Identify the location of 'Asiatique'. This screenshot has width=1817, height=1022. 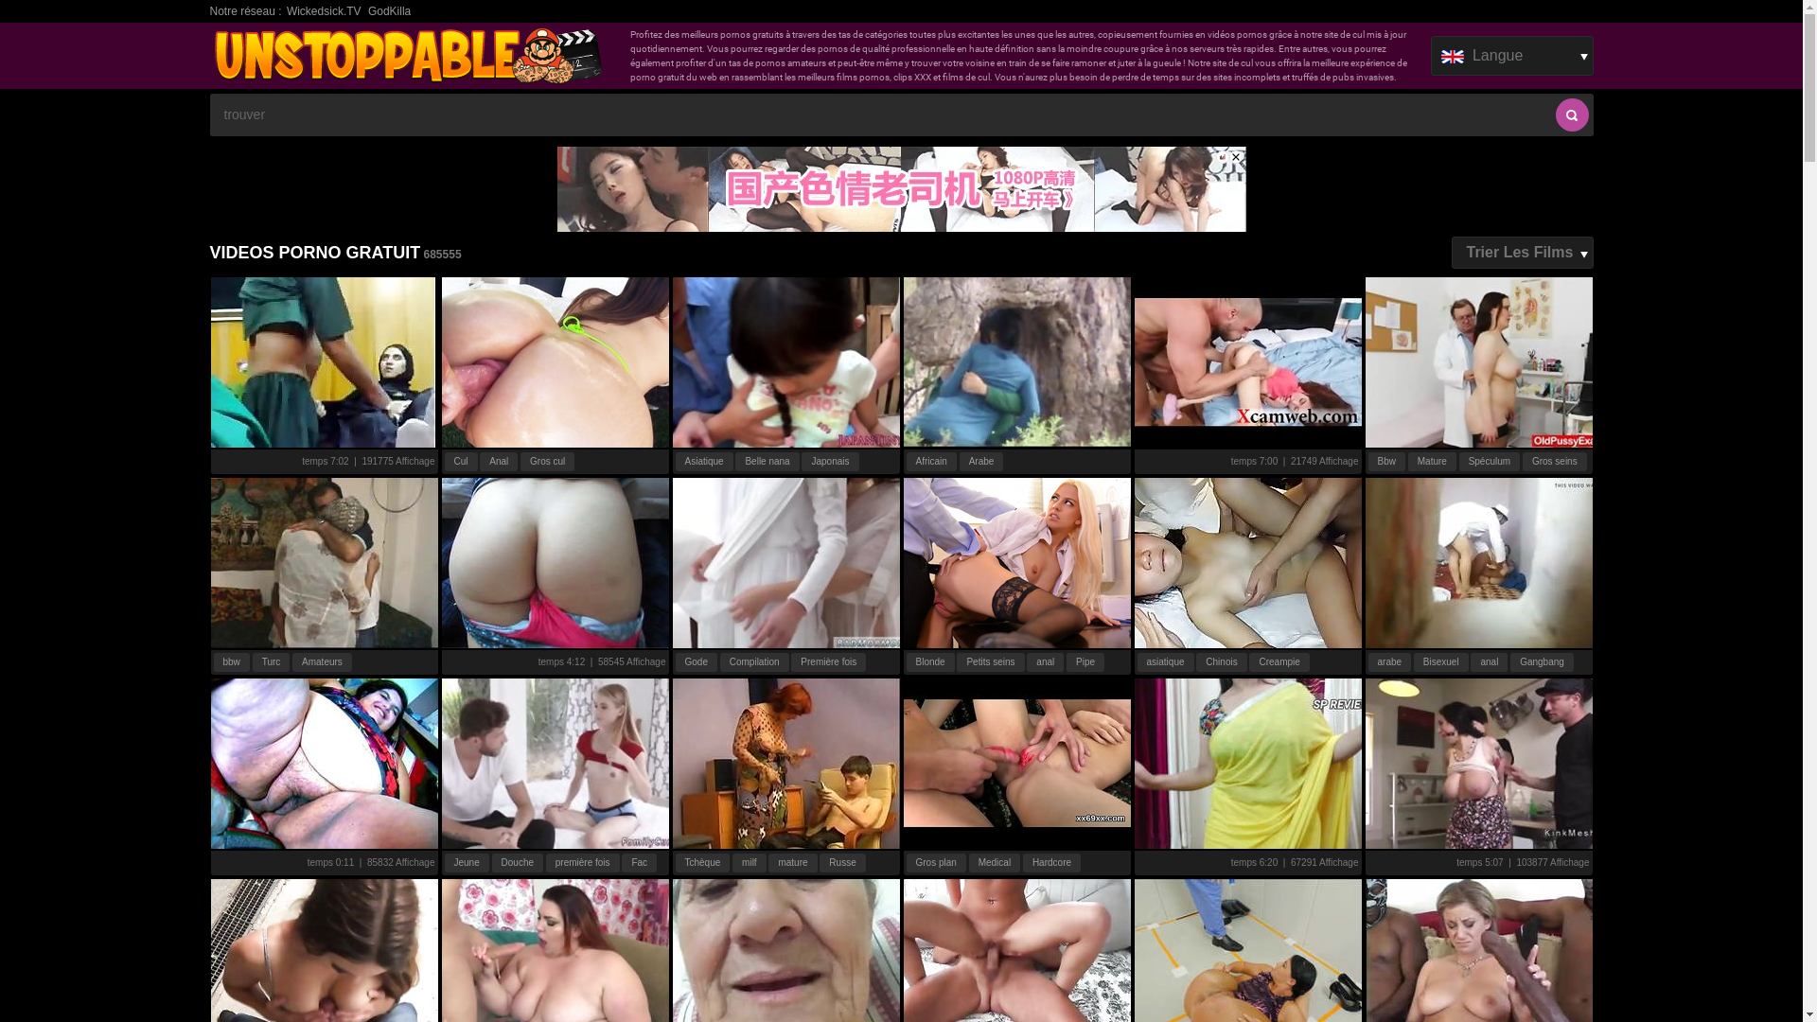
(703, 462).